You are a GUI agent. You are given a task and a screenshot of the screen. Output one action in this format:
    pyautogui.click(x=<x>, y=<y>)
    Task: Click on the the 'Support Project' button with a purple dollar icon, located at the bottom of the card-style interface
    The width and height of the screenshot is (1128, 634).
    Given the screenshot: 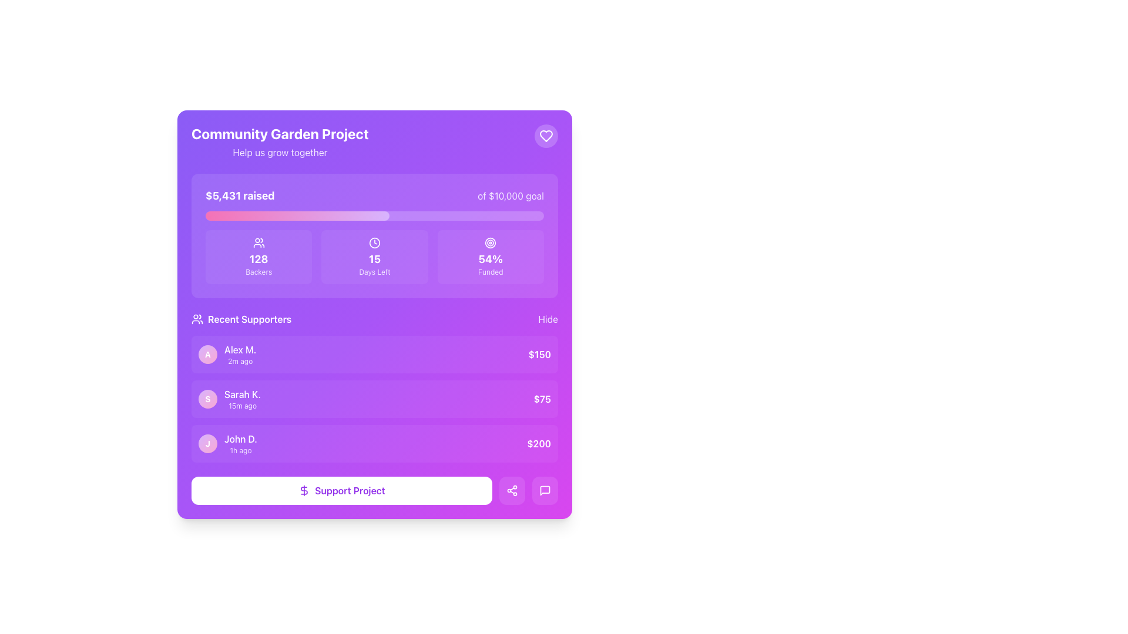 What is the action you would take?
    pyautogui.click(x=374, y=491)
    